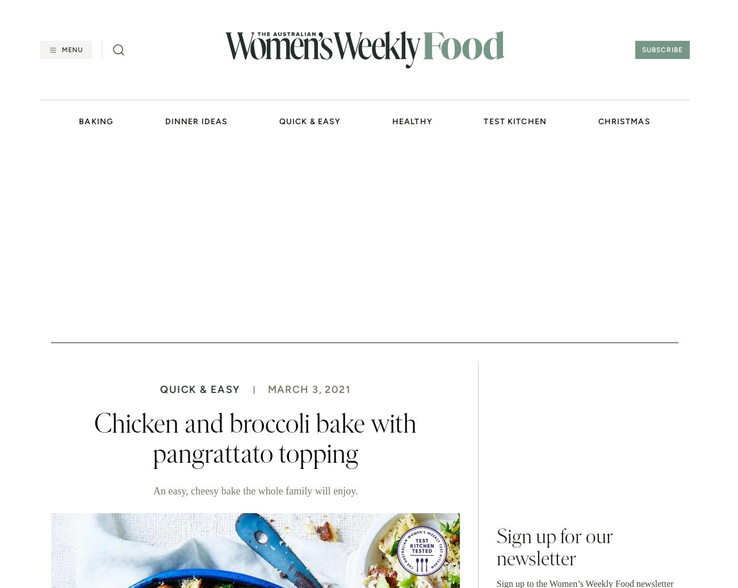  Describe the element at coordinates (152, 490) in the screenshot. I see `'An easy, cheesy bake the whole family will enjoy.'` at that location.